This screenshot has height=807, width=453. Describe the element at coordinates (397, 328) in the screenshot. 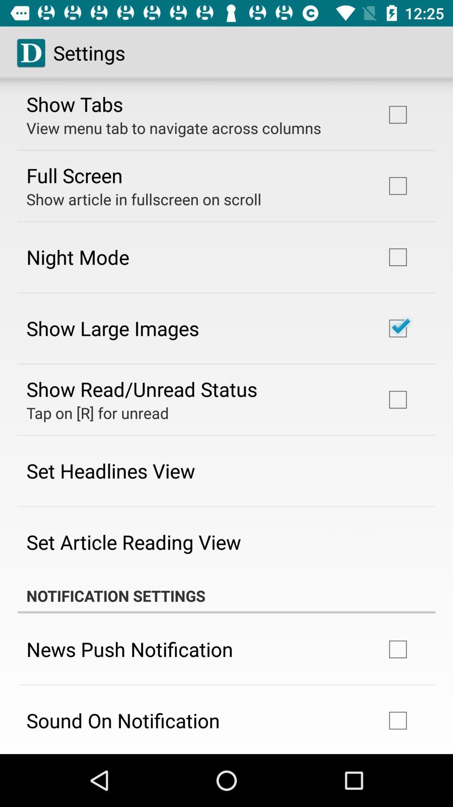

I see `the checkbox which is on the right side of show large images` at that location.